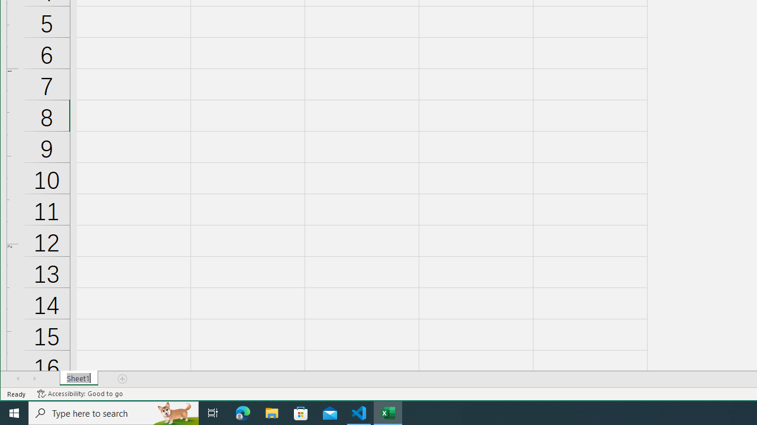 This screenshot has width=757, height=425. What do you see at coordinates (14, 412) in the screenshot?
I see `'Start'` at bounding box center [14, 412].